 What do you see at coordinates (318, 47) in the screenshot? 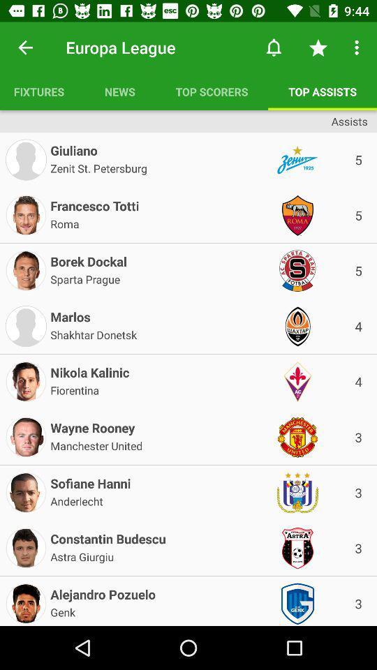
I see `item above top assists` at bounding box center [318, 47].